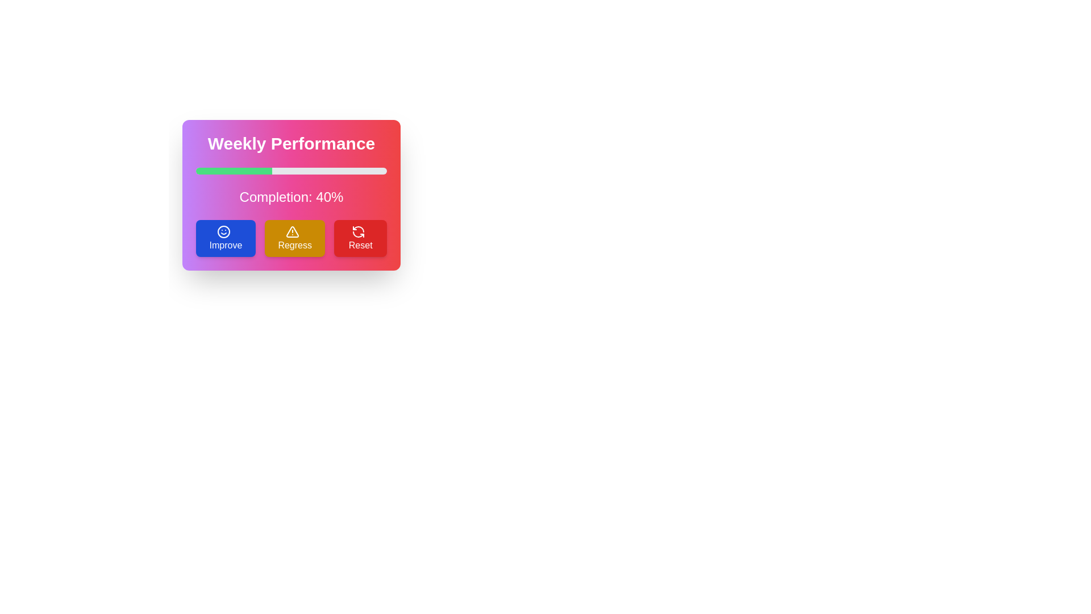 Image resolution: width=1091 pixels, height=614 pixels. I want to click on the warning symbol SVG icon located on the 'Regress' button, which is centrally aligned to the left of the text 'Regress', so click(293, 231).